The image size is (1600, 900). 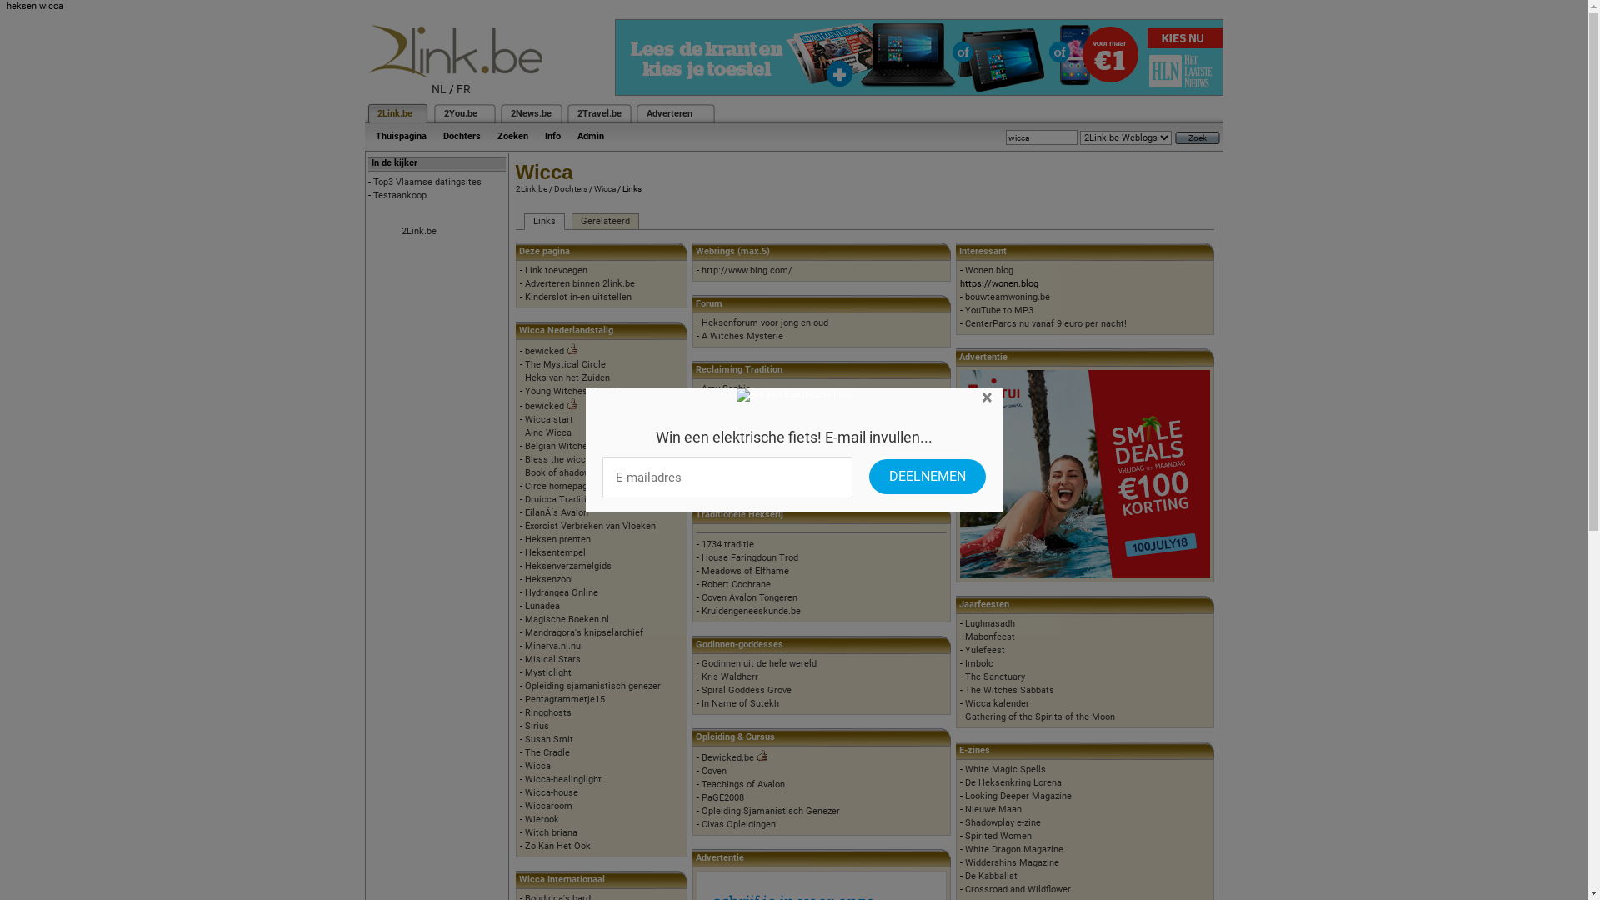 What do you see at coordinates (701, 771) in the screenshot?
I see `'Coven'` at bounding box center [701, 771].